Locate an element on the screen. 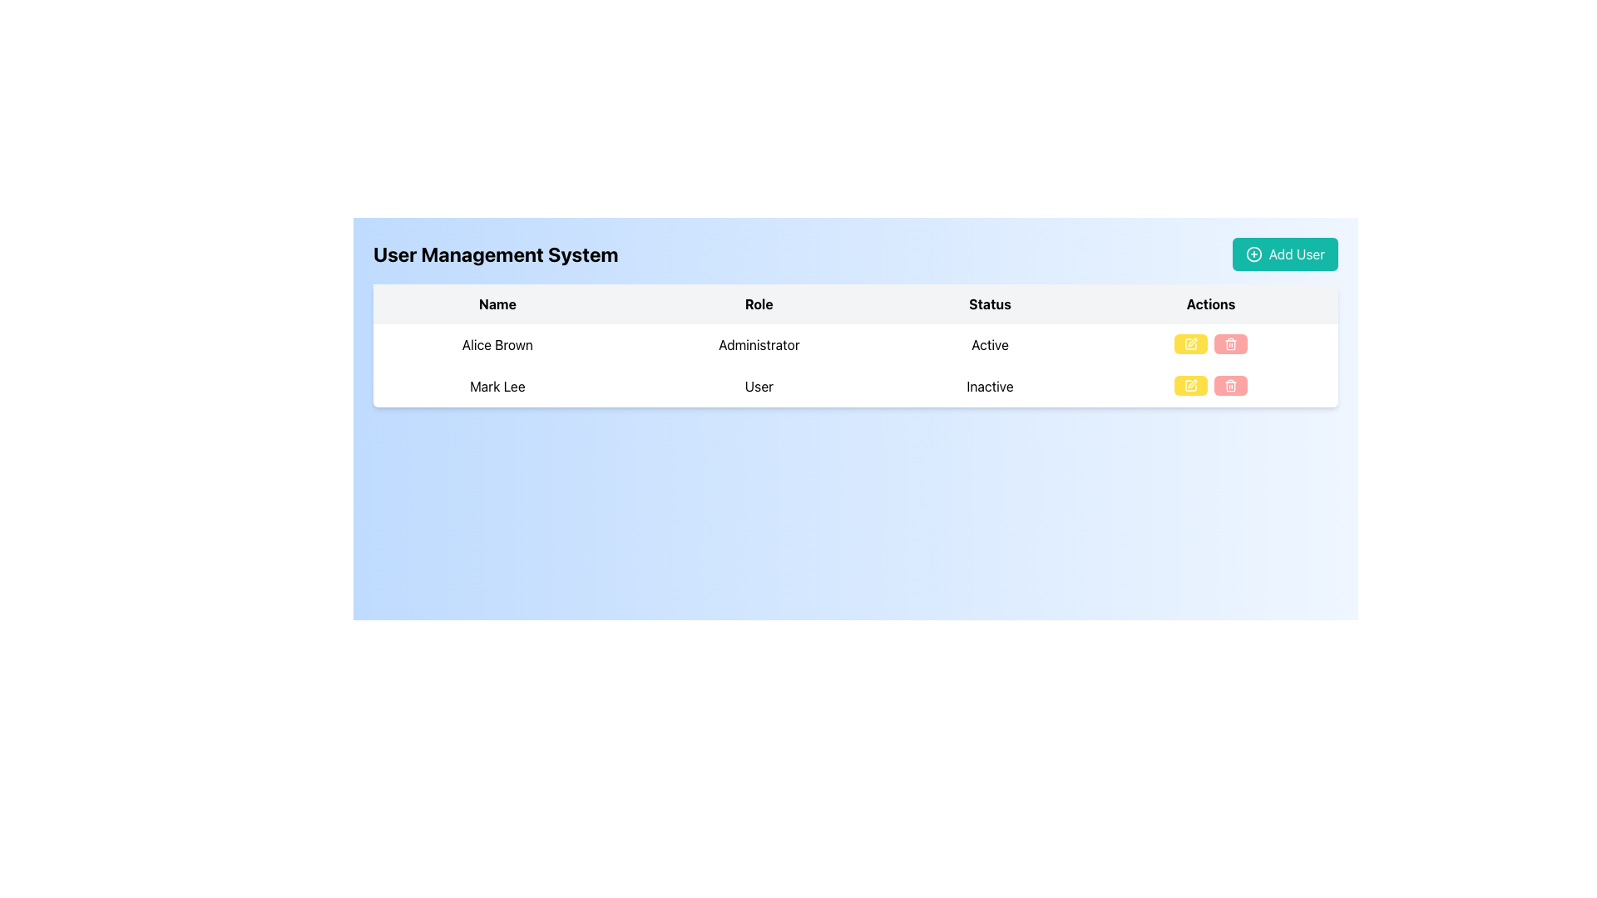  the SVG-based graphical icon representing the action to add a user, which is located within the 'Add User' button in the top-right corner of the interface is located at coordinates (1253, 254).